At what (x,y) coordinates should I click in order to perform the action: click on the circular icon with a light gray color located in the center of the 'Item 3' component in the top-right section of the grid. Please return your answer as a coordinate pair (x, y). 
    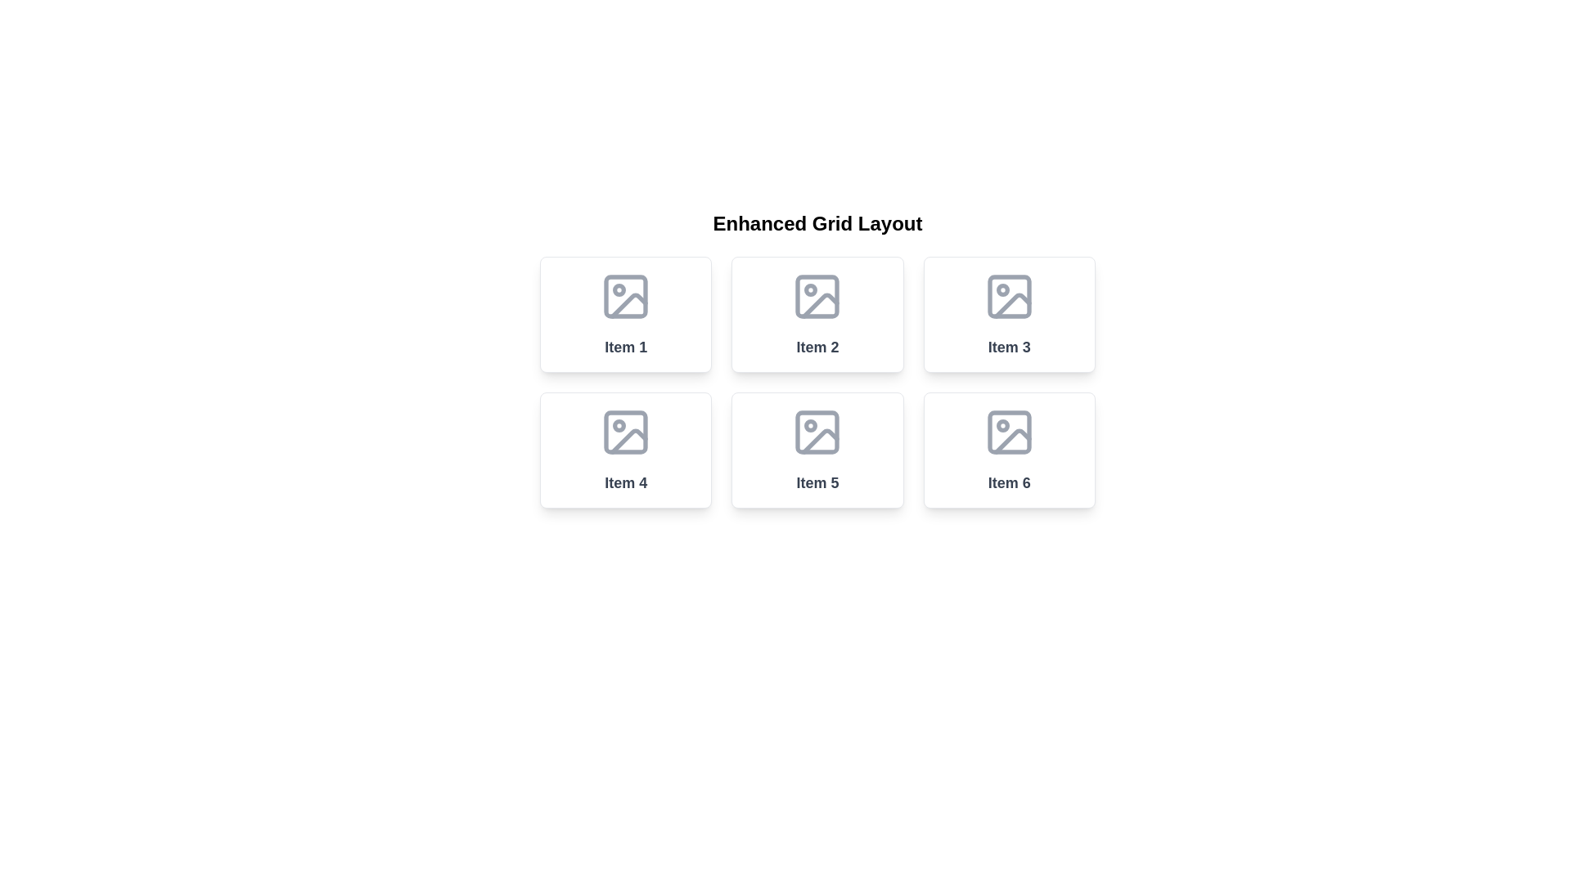
    Looking at the image, I should click on (1008, 296).